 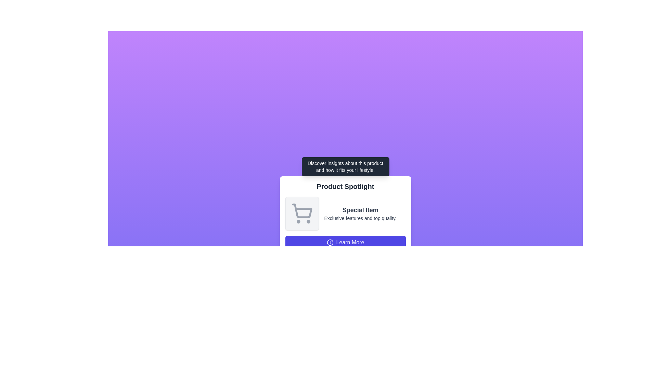 What do you see at coordinates (360, 218) in the screenshot?
I see `text snippet labeled 'Exclusive features and top quality.' located beneath the bold 'Special Item' text within the product information section of the card layout` at bounding box center [360, 218].